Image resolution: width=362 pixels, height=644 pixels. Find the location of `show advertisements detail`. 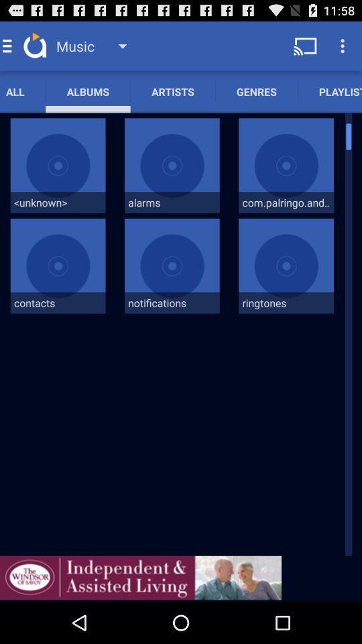

show advertisements detail is located at coordinates (140, 577).